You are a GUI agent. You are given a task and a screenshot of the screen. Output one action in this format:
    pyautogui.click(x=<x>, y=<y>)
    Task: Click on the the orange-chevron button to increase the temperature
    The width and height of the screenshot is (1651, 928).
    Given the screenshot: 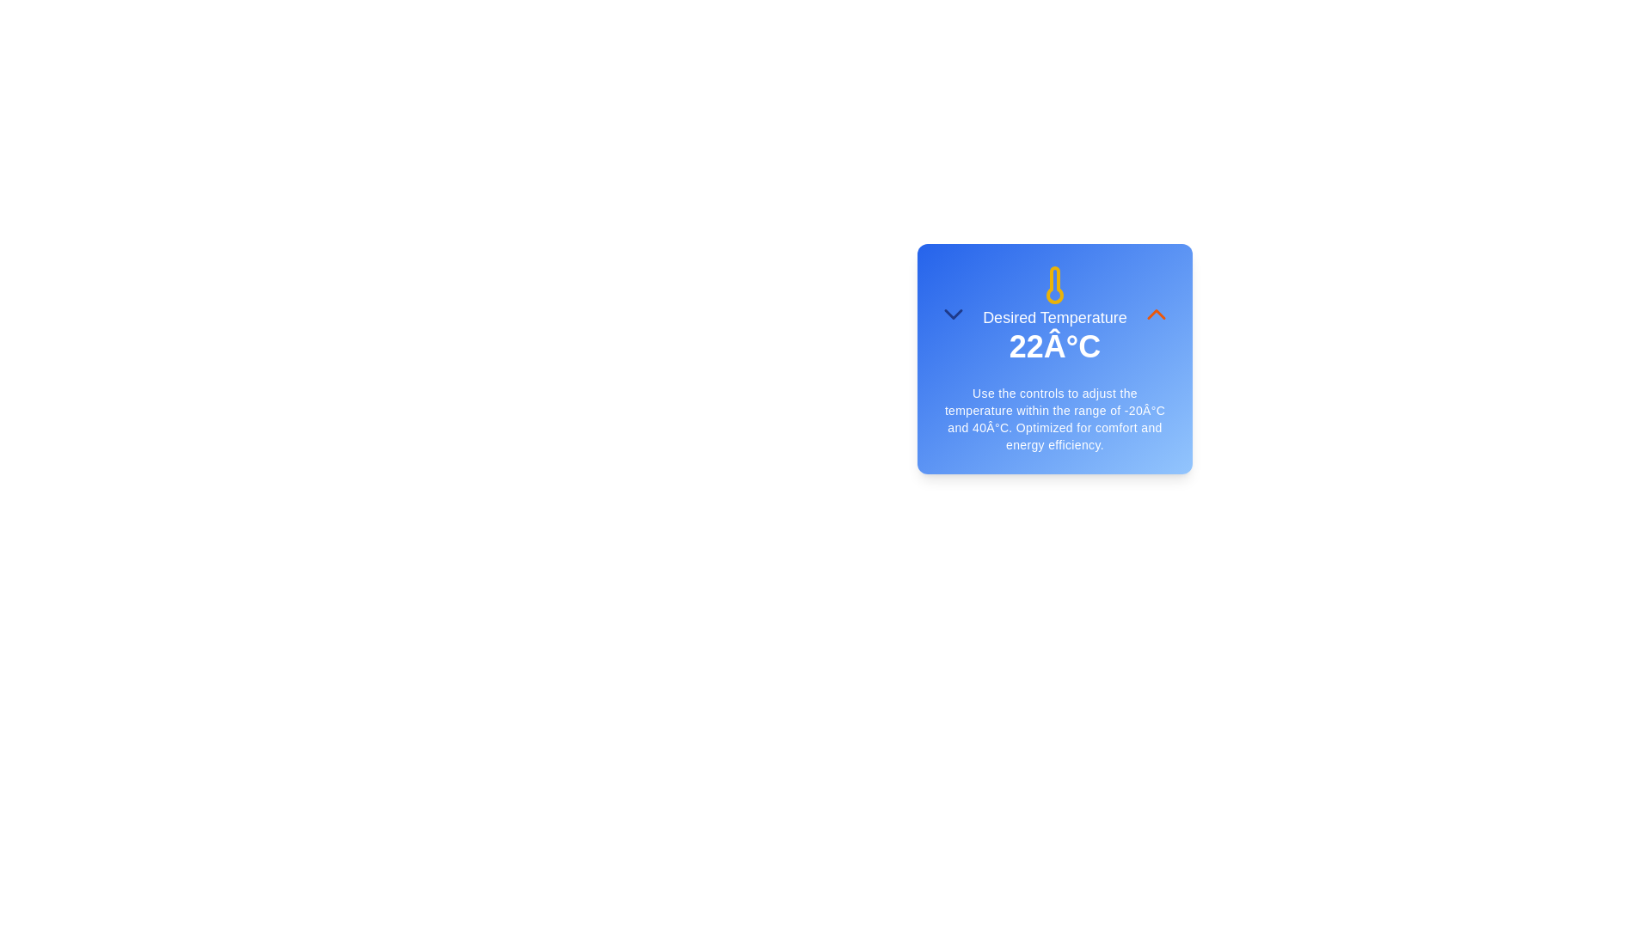 What is the action you would take?
    pyautogui.click(x=1156, y=314)
    